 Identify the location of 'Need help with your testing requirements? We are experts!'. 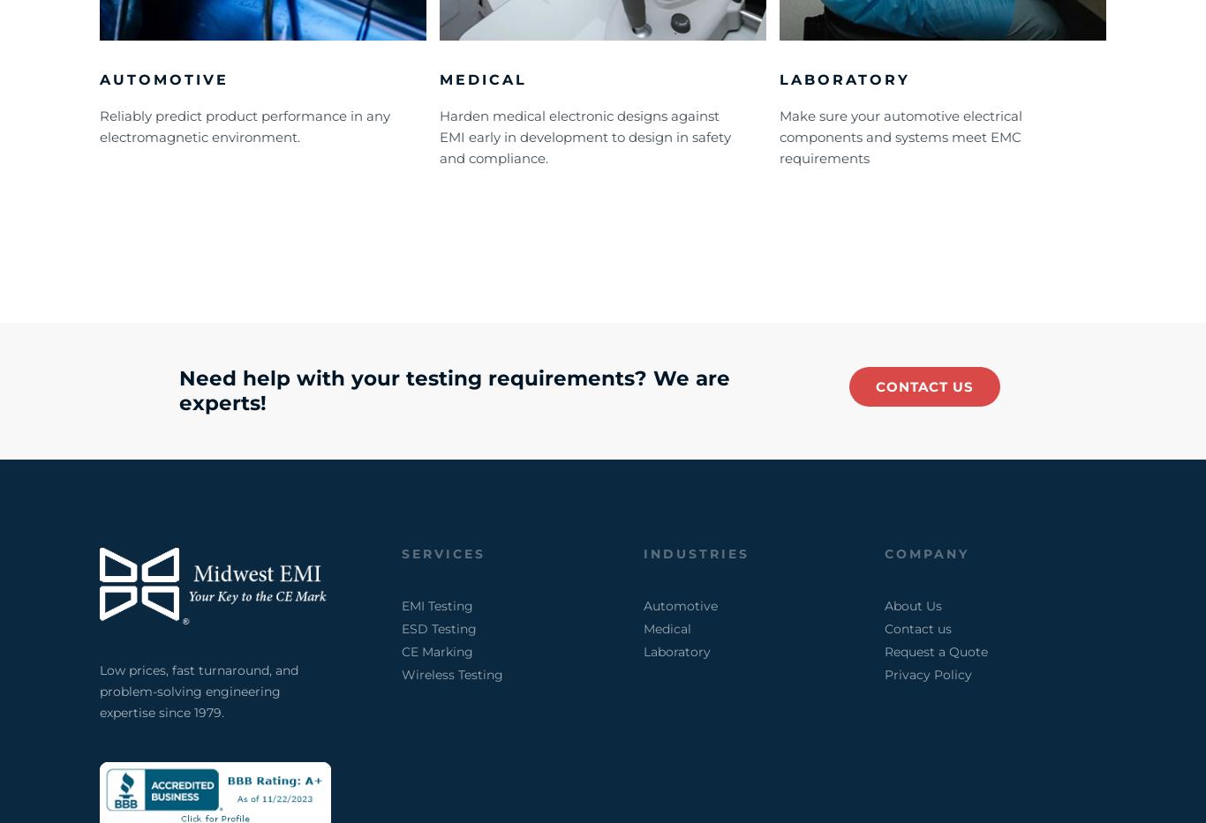
(454, 388).